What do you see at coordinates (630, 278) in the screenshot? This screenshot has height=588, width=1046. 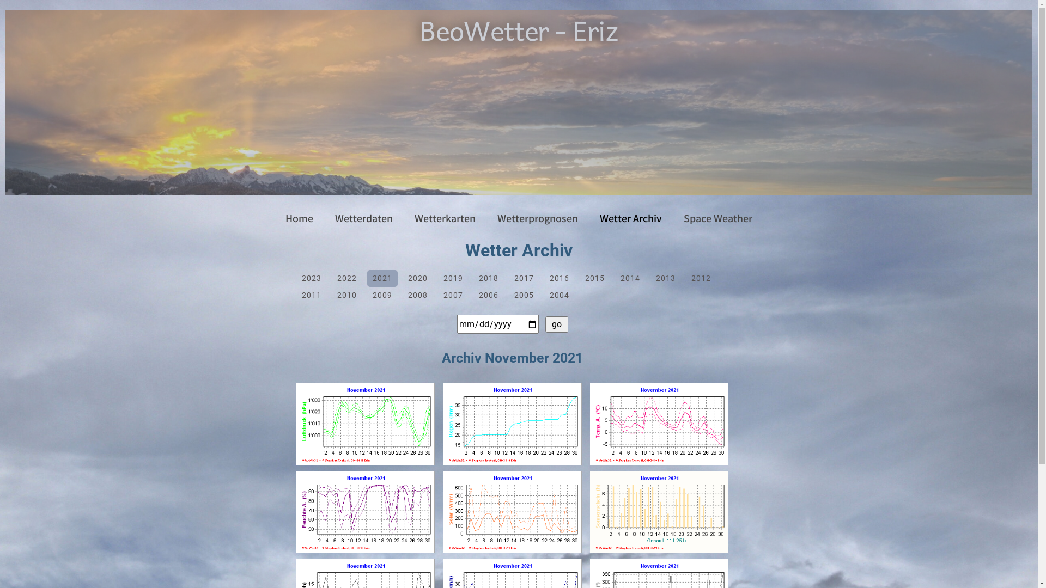 I see `'2014'` at bounding box center [630, 278].